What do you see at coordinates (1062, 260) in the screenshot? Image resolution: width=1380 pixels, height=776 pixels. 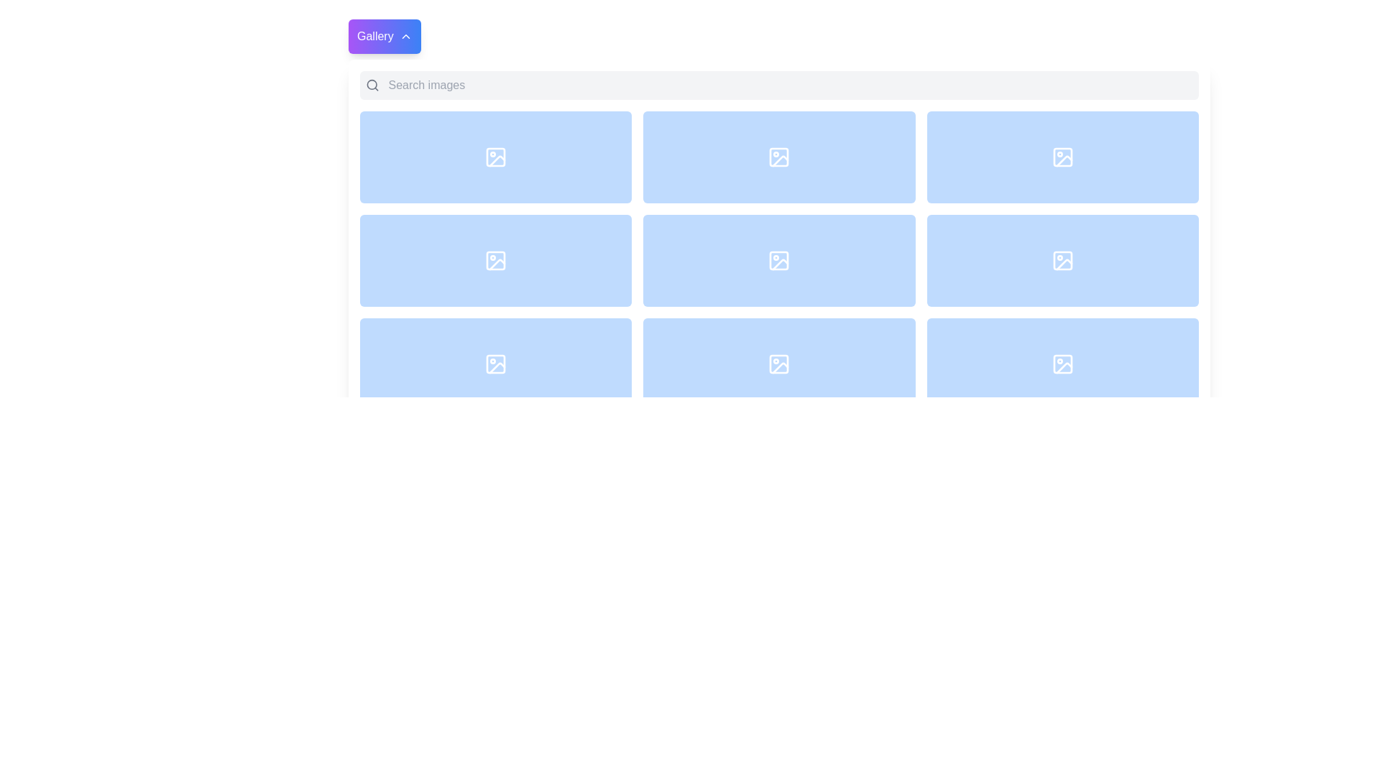 I see `the SVG graphic element located in the third column of the second row, which serves as a graphical placeholder in the interface` at bounding box center [1062, 260].